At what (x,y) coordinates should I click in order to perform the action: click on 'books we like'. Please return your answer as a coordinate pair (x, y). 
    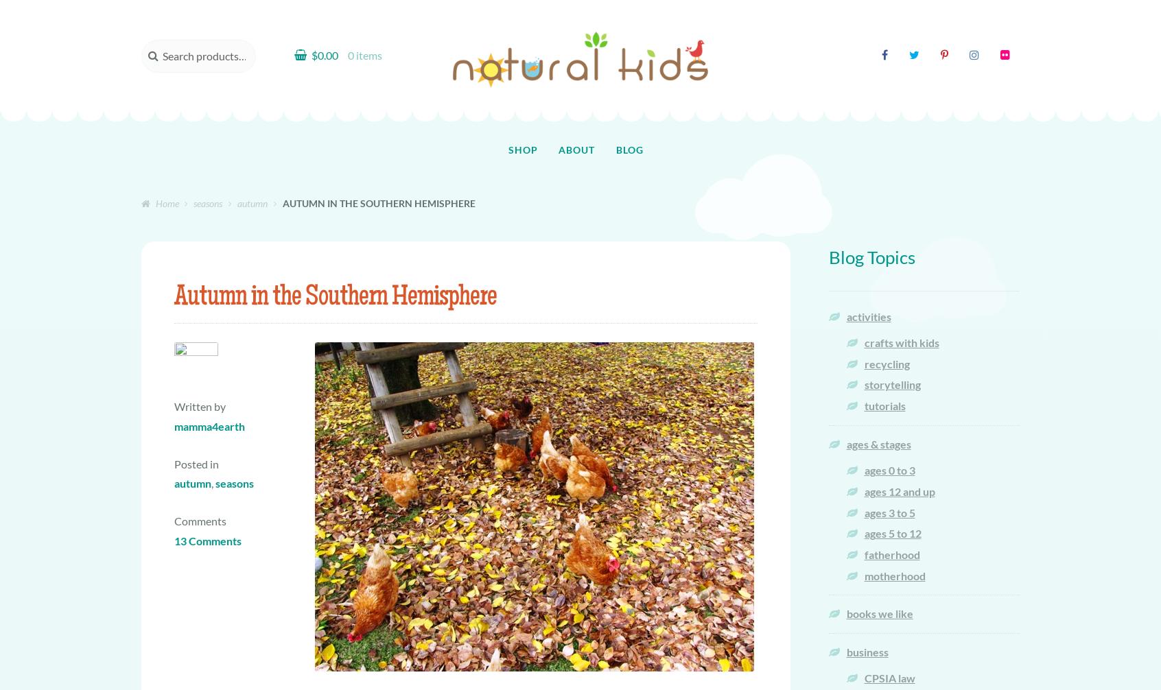
    Looking at the image, I should click on (878, 612).